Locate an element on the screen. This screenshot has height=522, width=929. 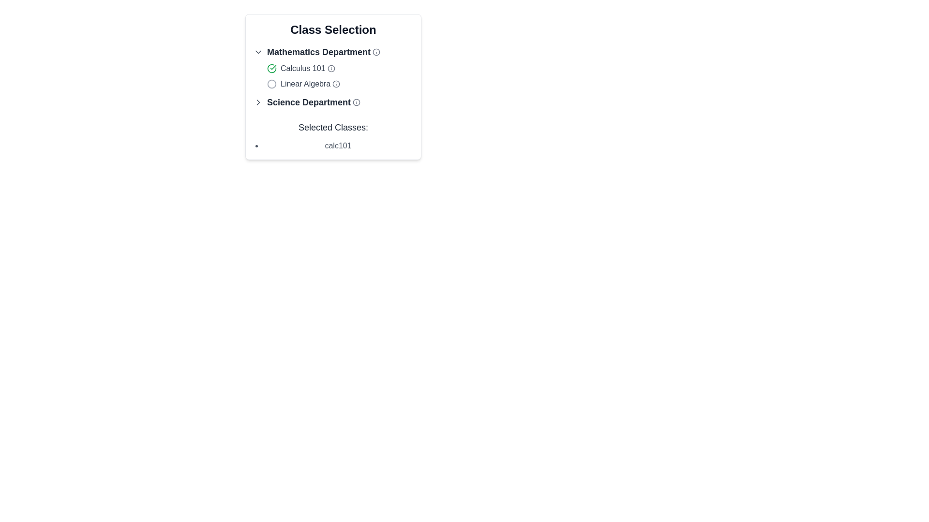
the text item displaying 'calc101' in the 'Selected Classes' subsection, which is the only list item under the 'Selected Classes' header is located at coordinates (338, 145).